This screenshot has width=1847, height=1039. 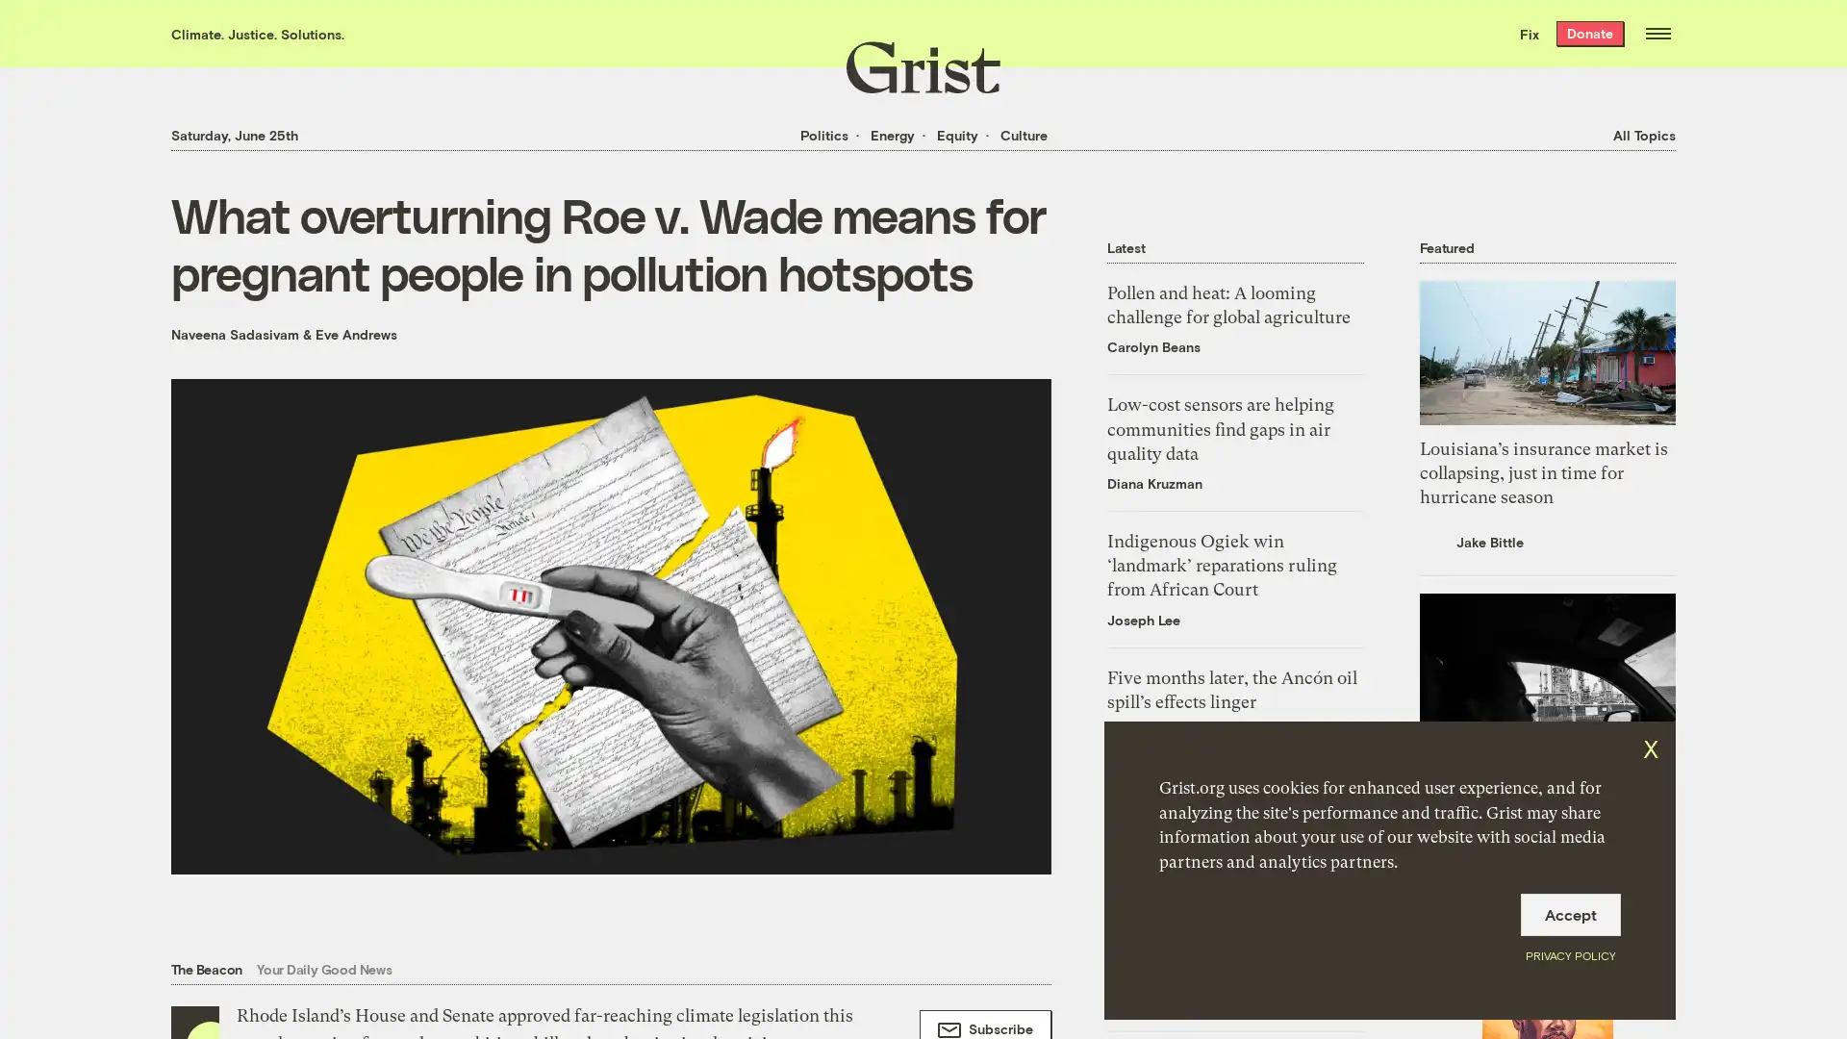 What do you see at coordinates (1657, 33) in the screenshot?
I see `Open menu` at bounding box center [1657, 33].